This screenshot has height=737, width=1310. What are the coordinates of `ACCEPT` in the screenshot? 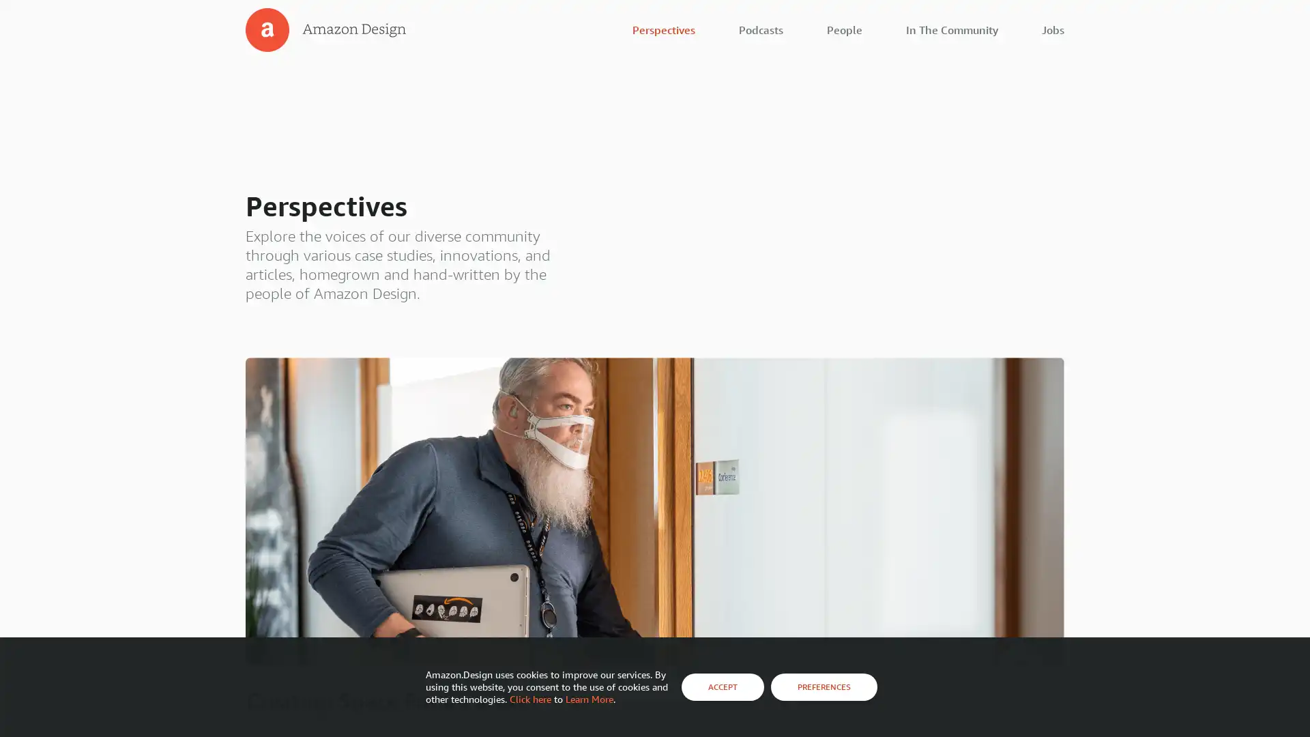 It's located at (722, 687).